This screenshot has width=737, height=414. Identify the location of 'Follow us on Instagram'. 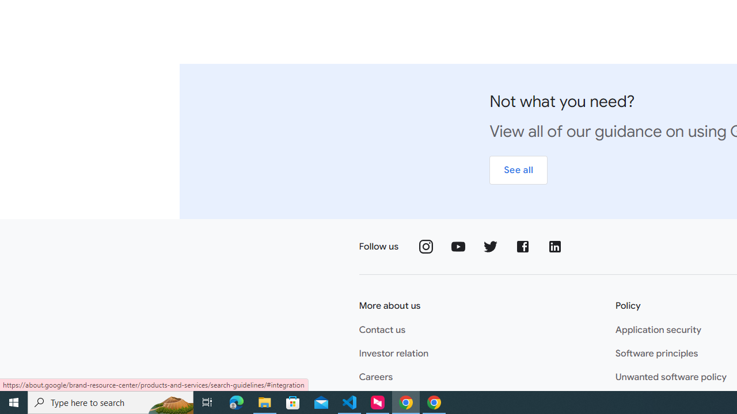
(426, 246).